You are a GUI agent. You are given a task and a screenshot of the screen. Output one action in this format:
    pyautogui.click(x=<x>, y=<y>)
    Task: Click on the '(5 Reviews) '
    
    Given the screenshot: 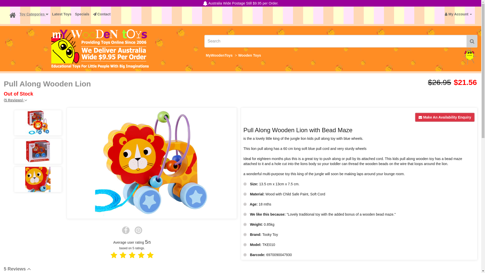 What is the action you would take?
    pyautogui.click(x=15, y=100)
    